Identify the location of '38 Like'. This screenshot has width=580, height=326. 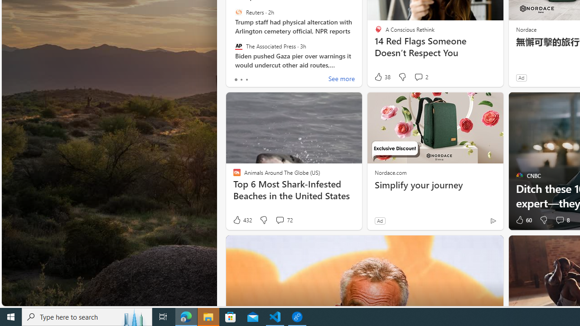
(382, 77).